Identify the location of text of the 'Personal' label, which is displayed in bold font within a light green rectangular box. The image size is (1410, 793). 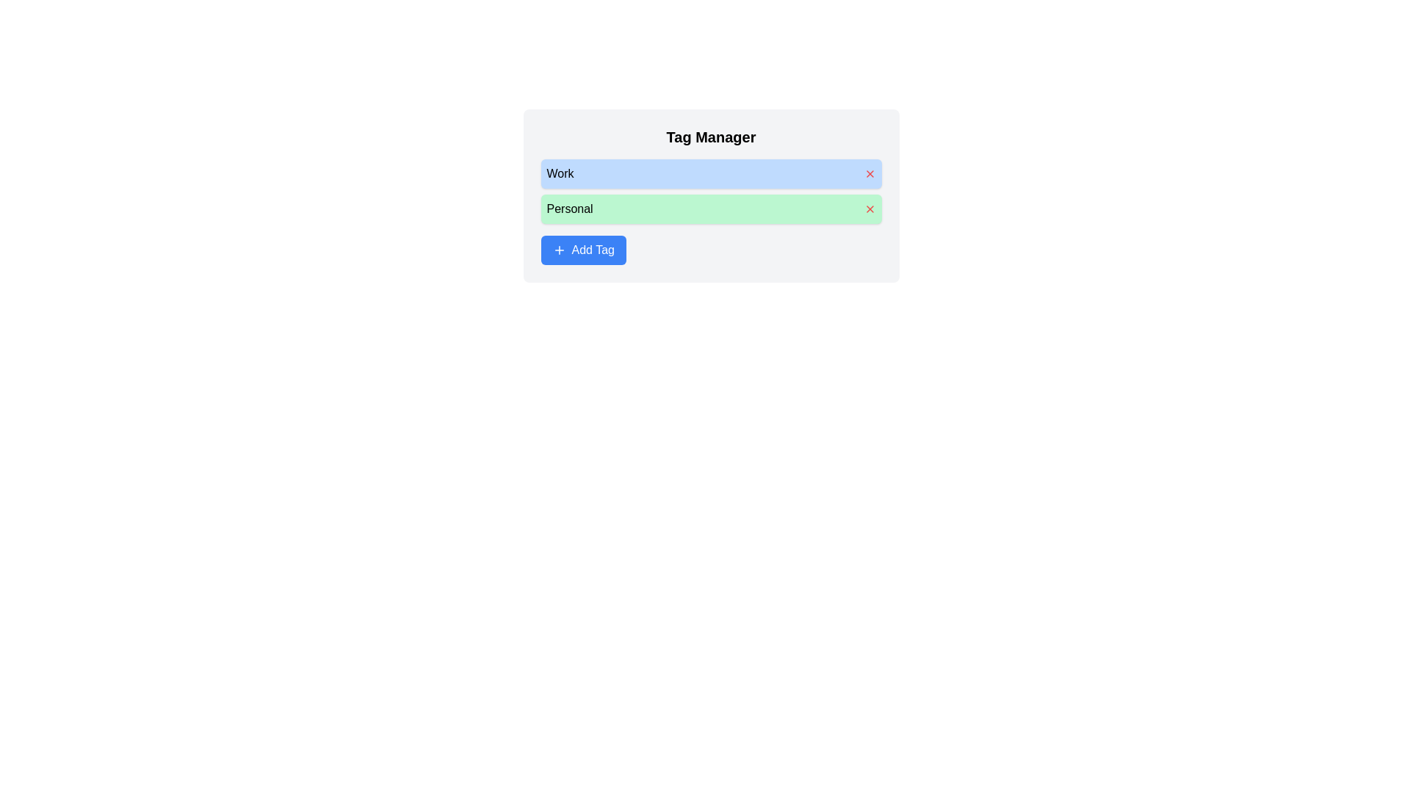
(569, 209).